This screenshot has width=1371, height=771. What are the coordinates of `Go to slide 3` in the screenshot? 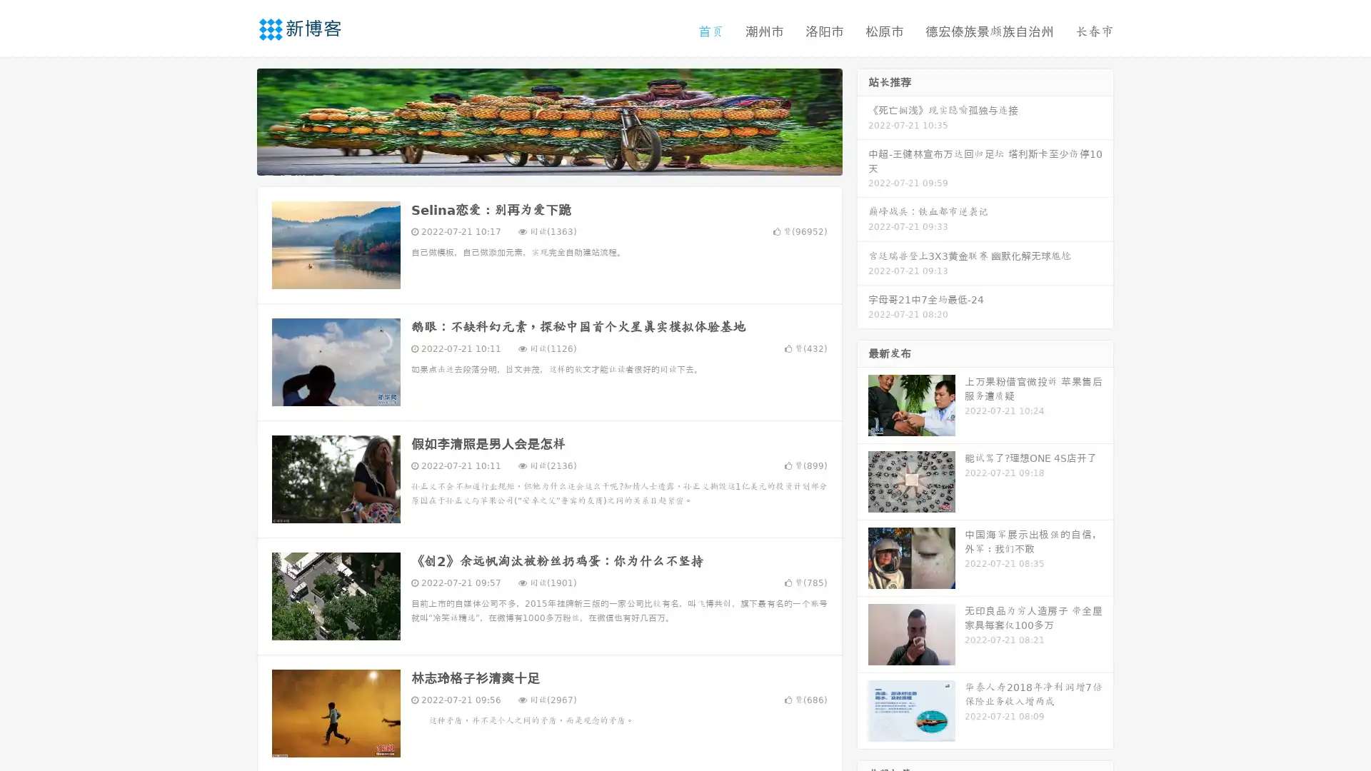 It's located at (563, 161).